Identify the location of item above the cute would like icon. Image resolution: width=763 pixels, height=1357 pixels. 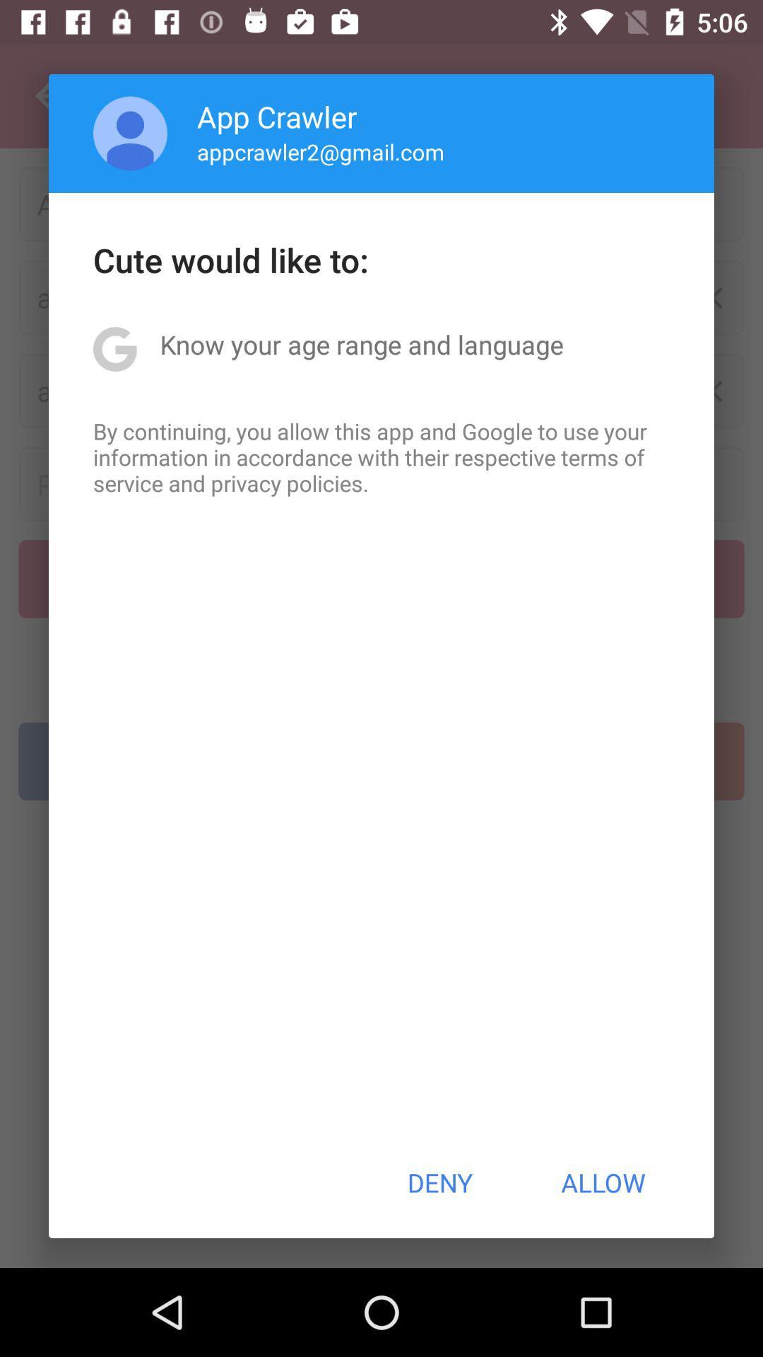
(321, 151).